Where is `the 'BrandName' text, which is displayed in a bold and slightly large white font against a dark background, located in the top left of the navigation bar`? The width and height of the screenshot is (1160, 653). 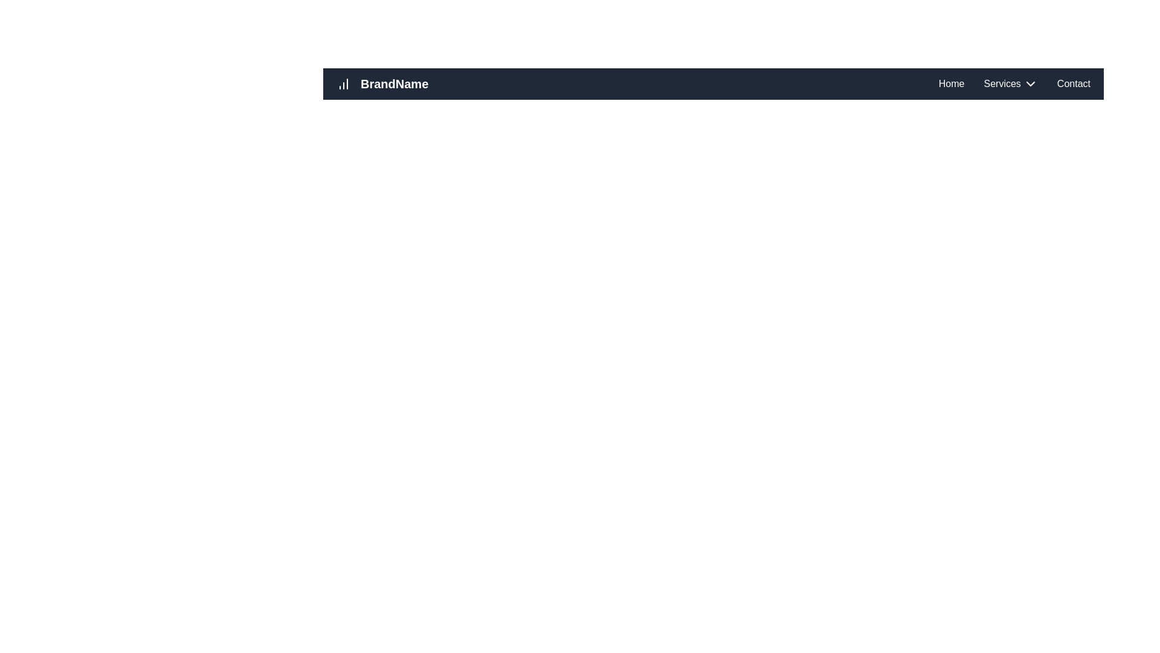
the 'BrandName' text, which is displayed in a bold and slightly large white font against a dark background, located in the top left of the navigation bar is located at coordinates (394, 83).